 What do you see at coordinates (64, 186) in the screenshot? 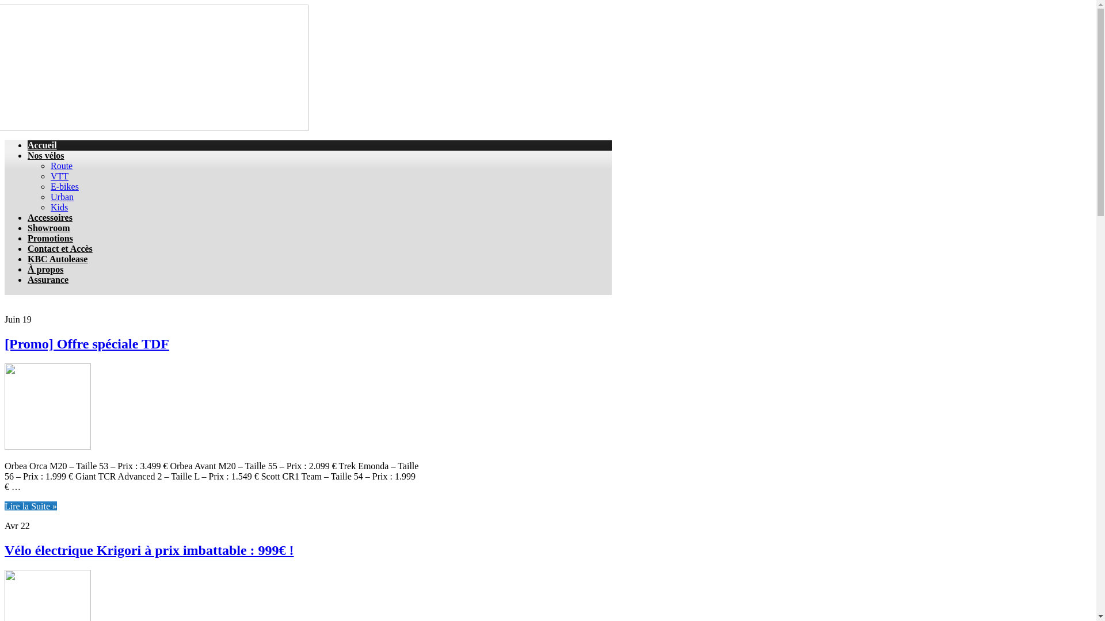
I see `'E-bikes'` at bounding box center [64, 186].